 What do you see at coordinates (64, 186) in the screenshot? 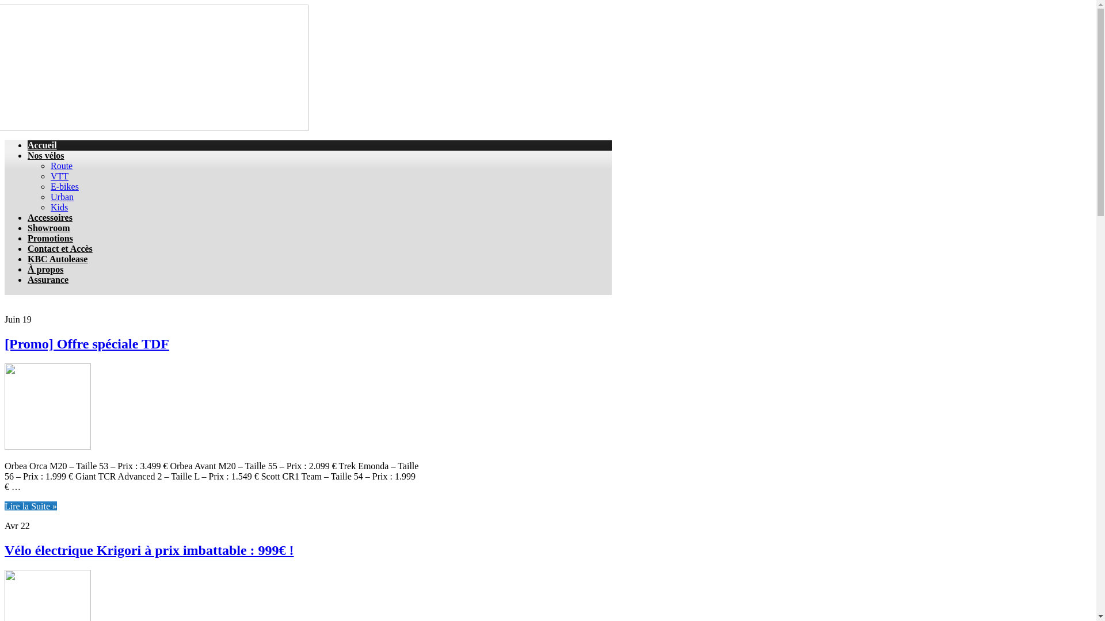
I see `'E-bikes'` at bounding box center [64, 186].